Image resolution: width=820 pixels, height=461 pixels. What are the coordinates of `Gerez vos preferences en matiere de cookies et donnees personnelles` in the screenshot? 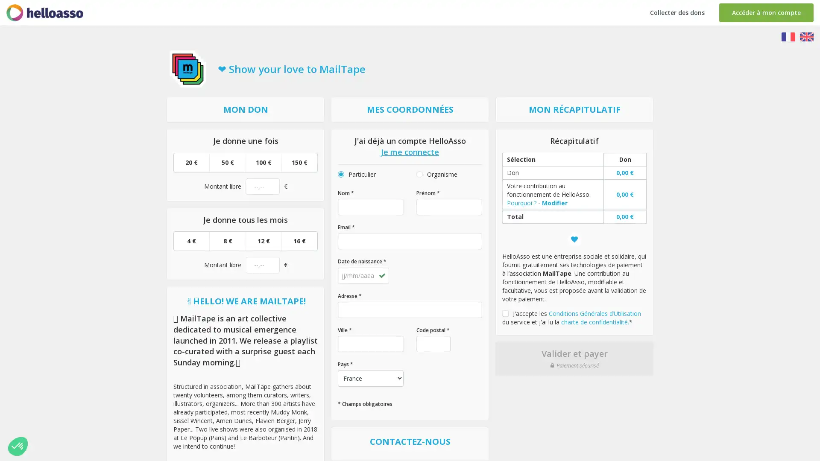 It's located at (18, 446).